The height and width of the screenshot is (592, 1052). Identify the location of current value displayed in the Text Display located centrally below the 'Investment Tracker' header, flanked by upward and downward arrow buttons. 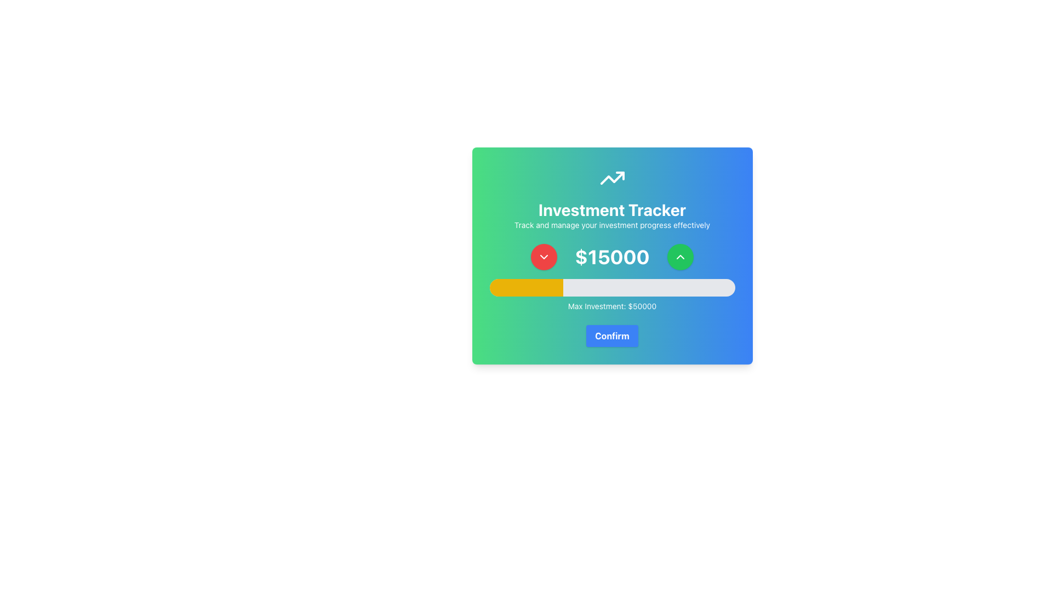
(611, 257).